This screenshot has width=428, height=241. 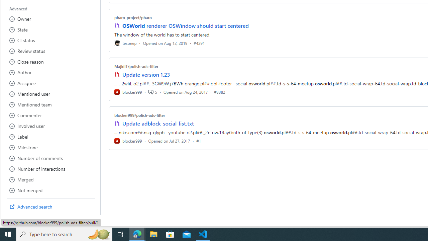 What do you see at coordinates (152, 92) in the screenshot?
I see `'5'` at bounding box center [152, 92].